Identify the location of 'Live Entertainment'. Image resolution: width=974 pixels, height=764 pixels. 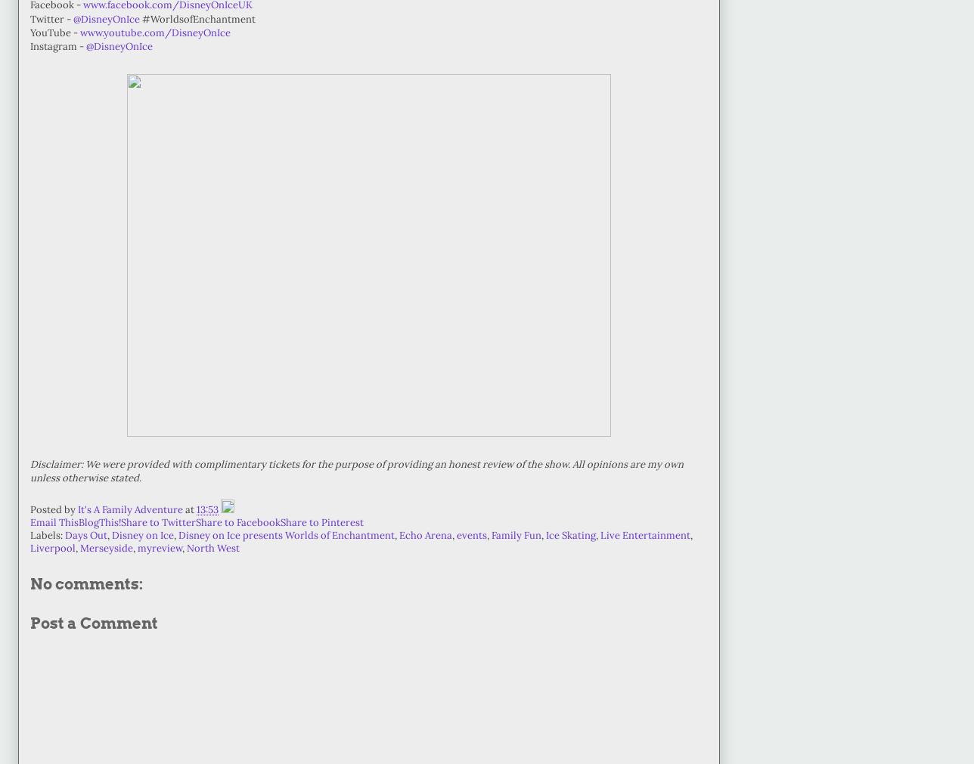
(645, 534).